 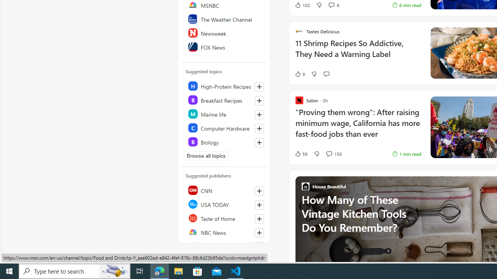 What do you see at coordinates (331, 5) in the screenshot?
I see `'View comments 6 Comment'` at bounding box center [331, 5].